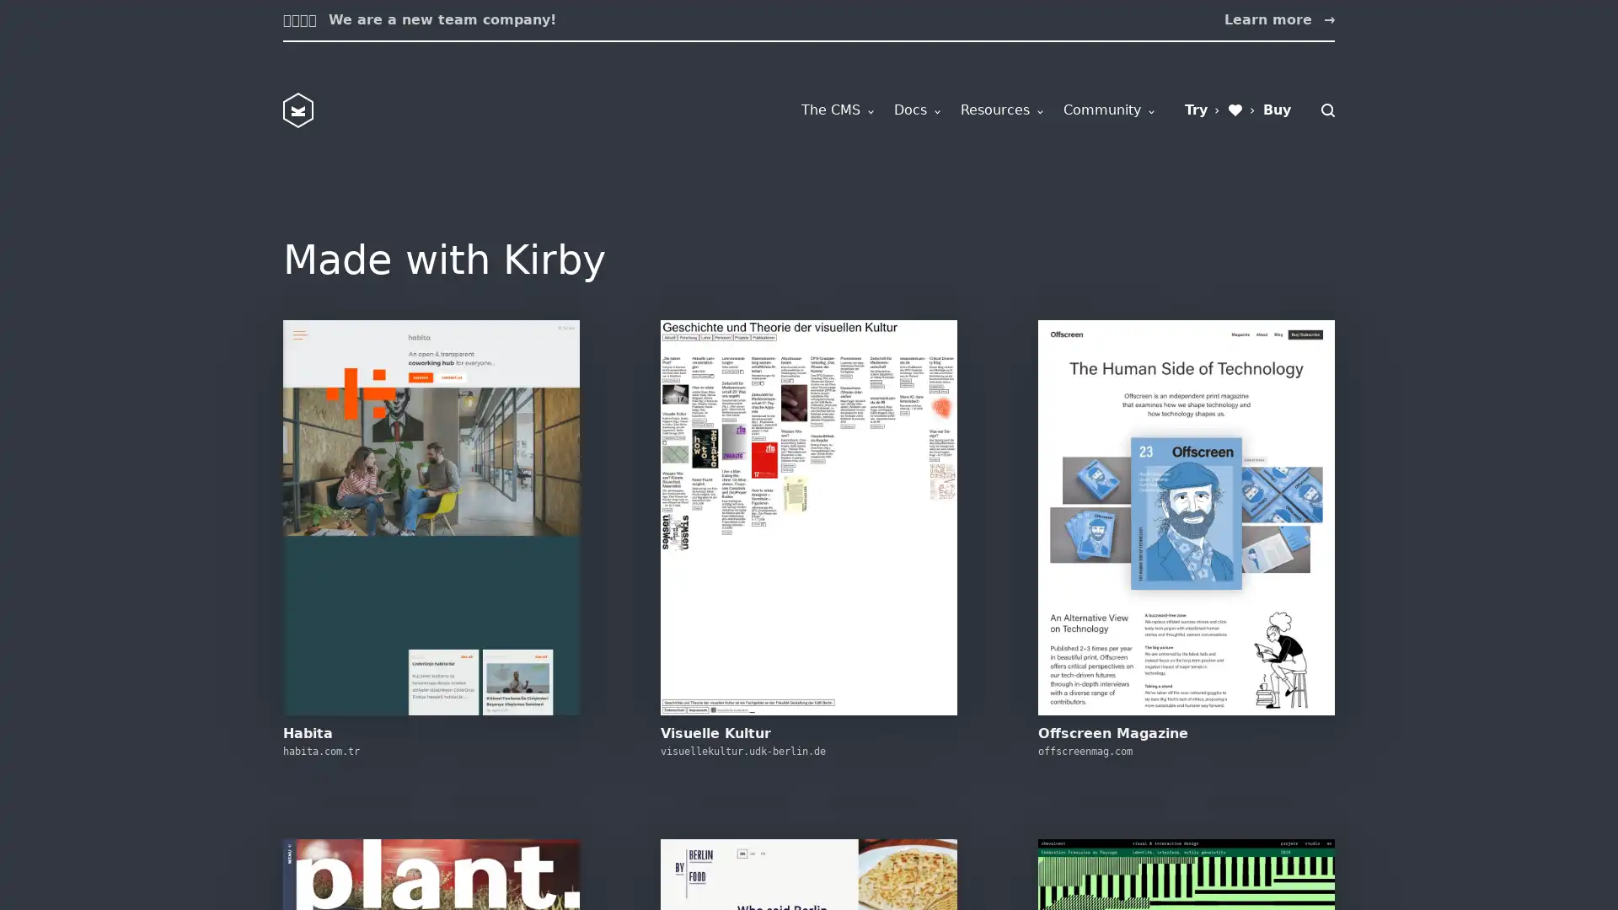 This screenshot has width=1618, height=910. I want to click on Search, so click(1326, 110).